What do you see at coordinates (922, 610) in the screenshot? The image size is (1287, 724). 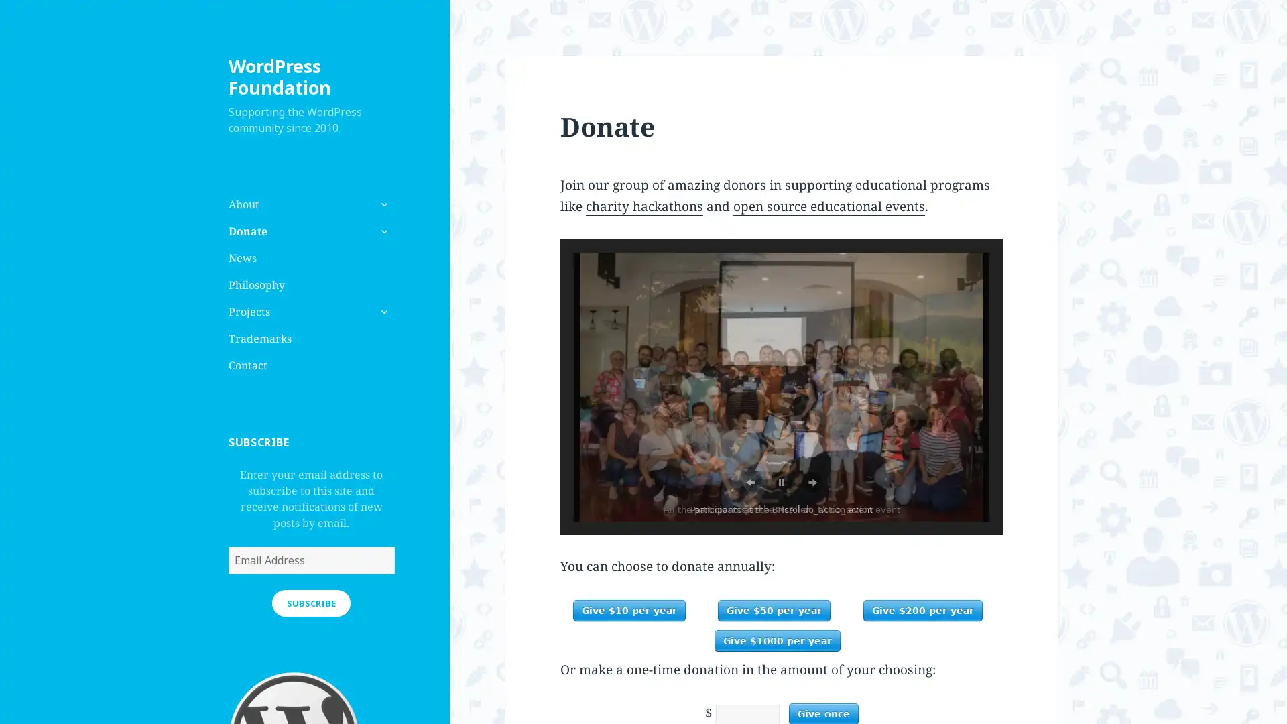 I see `Give $200 per year` at bounding box center [922, 610].